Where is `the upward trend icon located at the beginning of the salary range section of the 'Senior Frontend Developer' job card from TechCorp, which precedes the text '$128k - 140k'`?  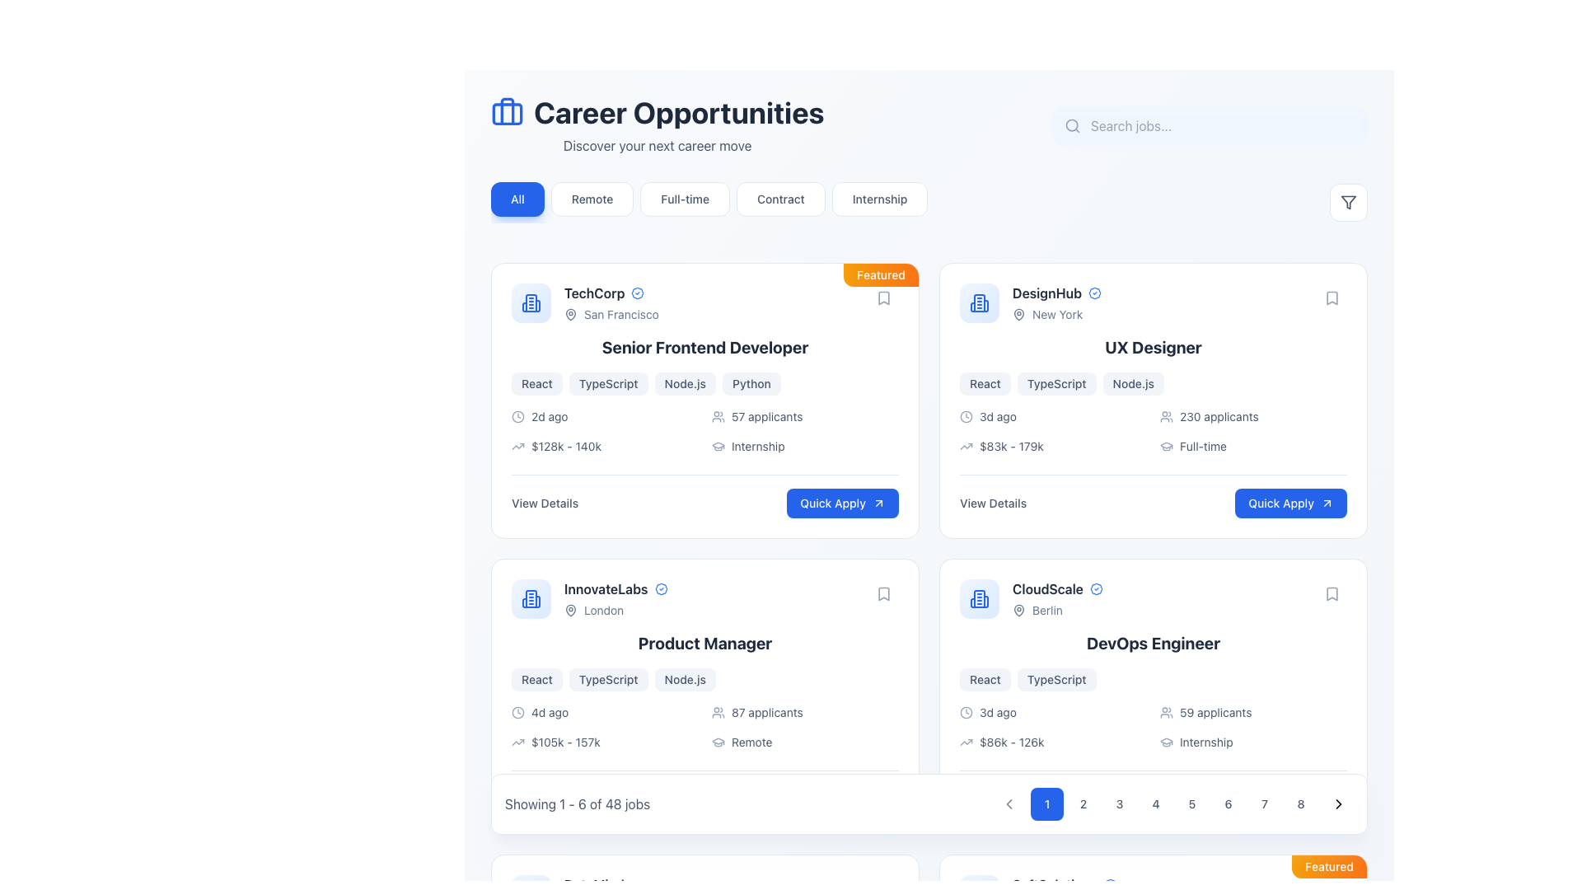 the upward trend icon located at the beginning of the salary range section of the 'Senior Frontend Developer' job card from TechCorp, which precedes the text '$128k - 140k' is located at coordinates (517, 447).